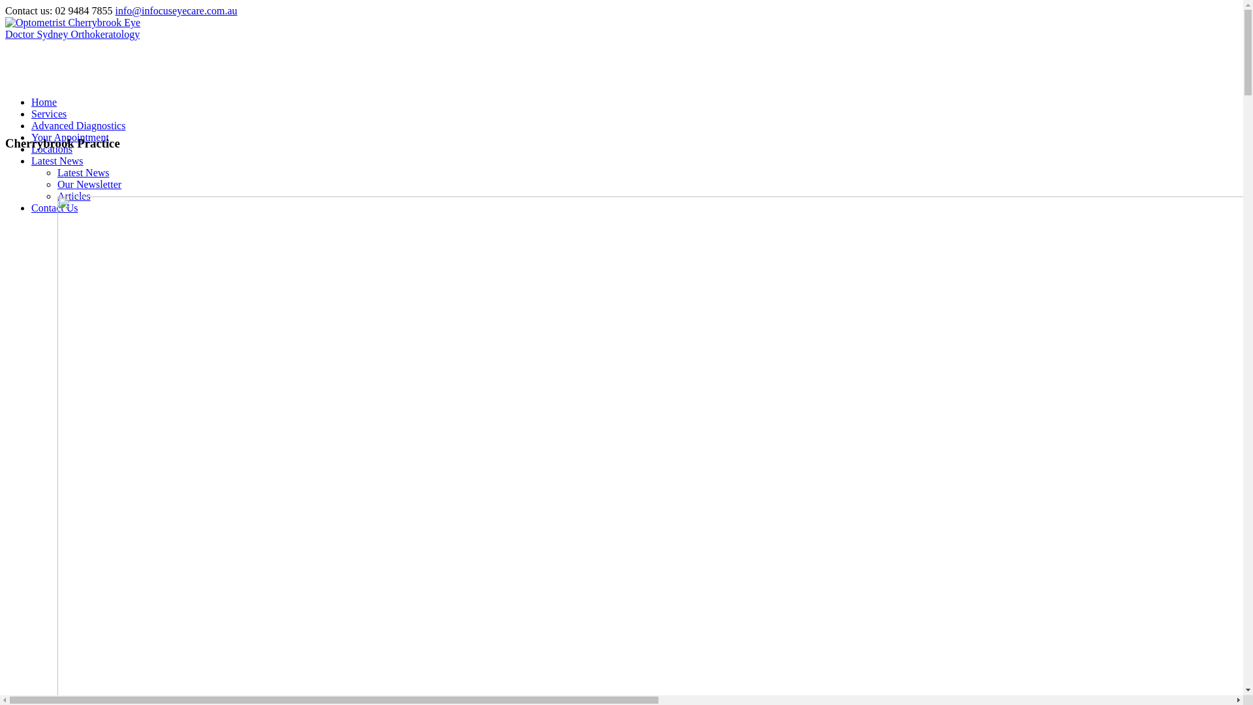  Describe the element at coordinates (73, 196) in the screenshot. I see `'Articles'` at that location.